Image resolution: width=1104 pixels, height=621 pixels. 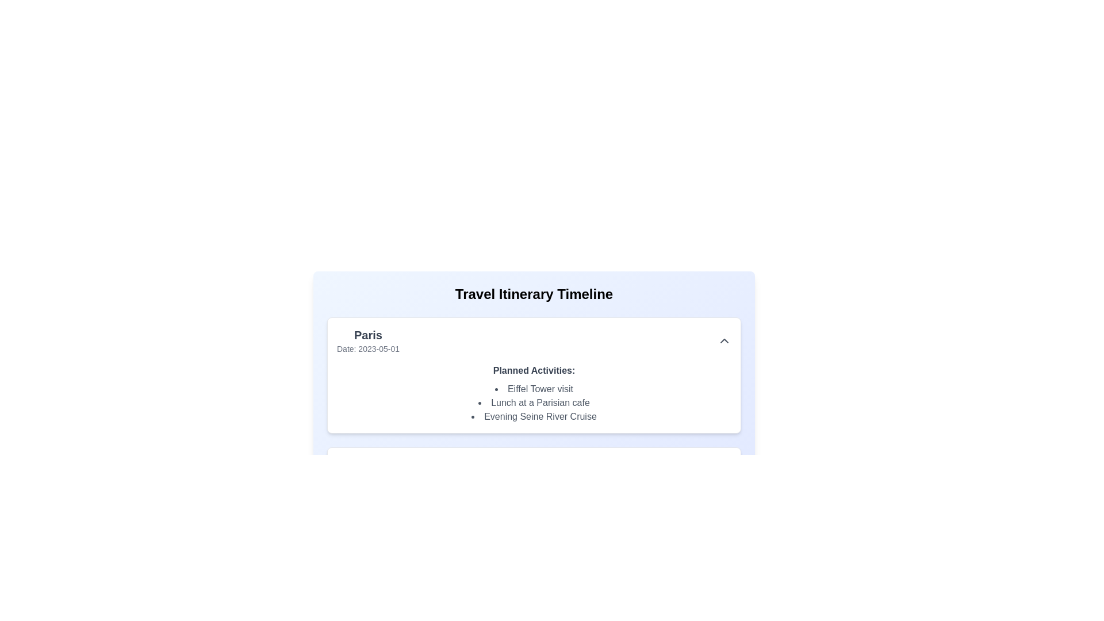 I want to click on text header labeled 'Planned Activities:' which is bold and gray, located above the list of planned activities, so click(x=534, y=370).